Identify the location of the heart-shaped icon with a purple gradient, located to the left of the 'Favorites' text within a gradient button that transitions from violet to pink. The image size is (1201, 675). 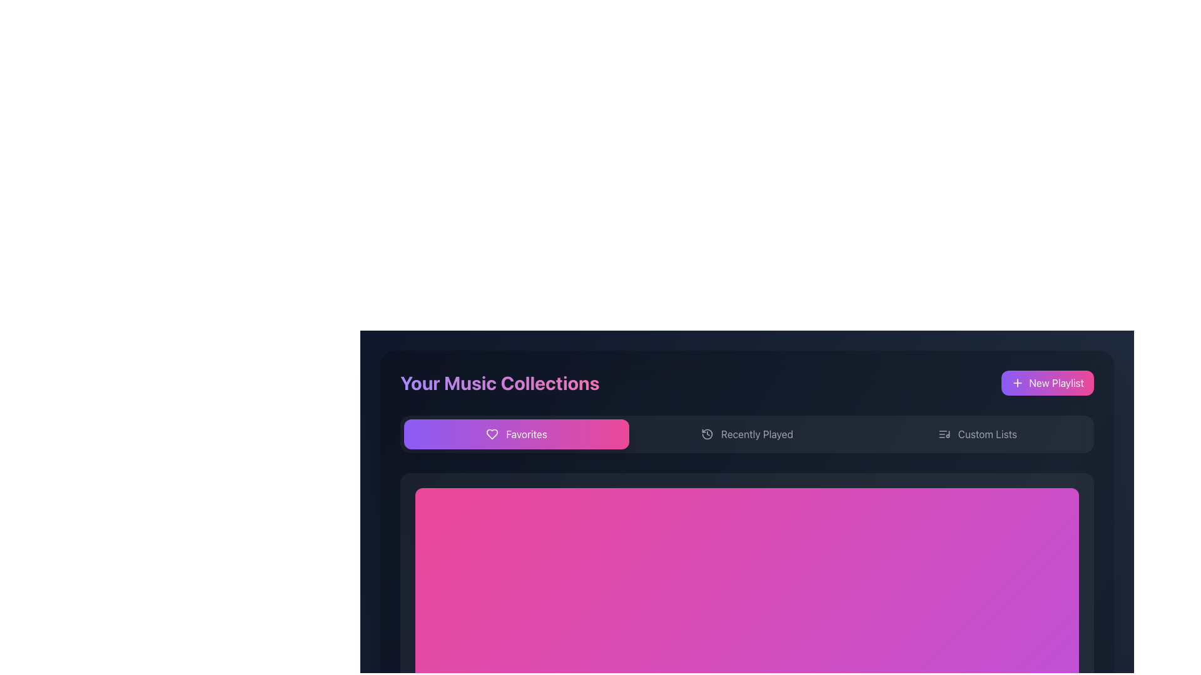
(492, 433).